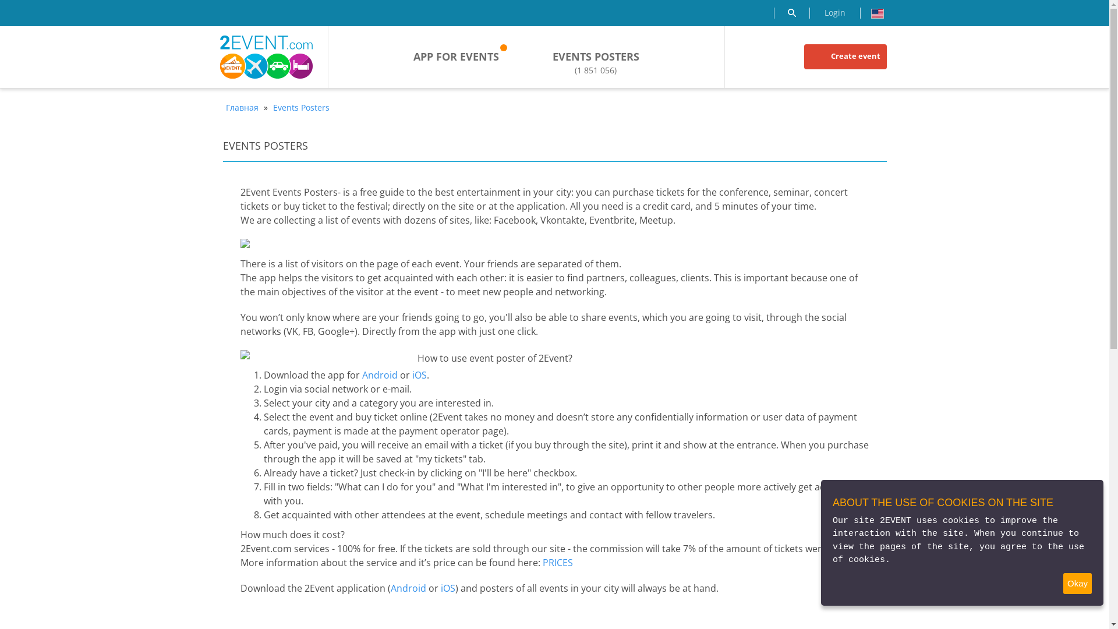 The width and height of the screenshot is (1118, 629). I want to click on 'Create event', so click(844, 56).